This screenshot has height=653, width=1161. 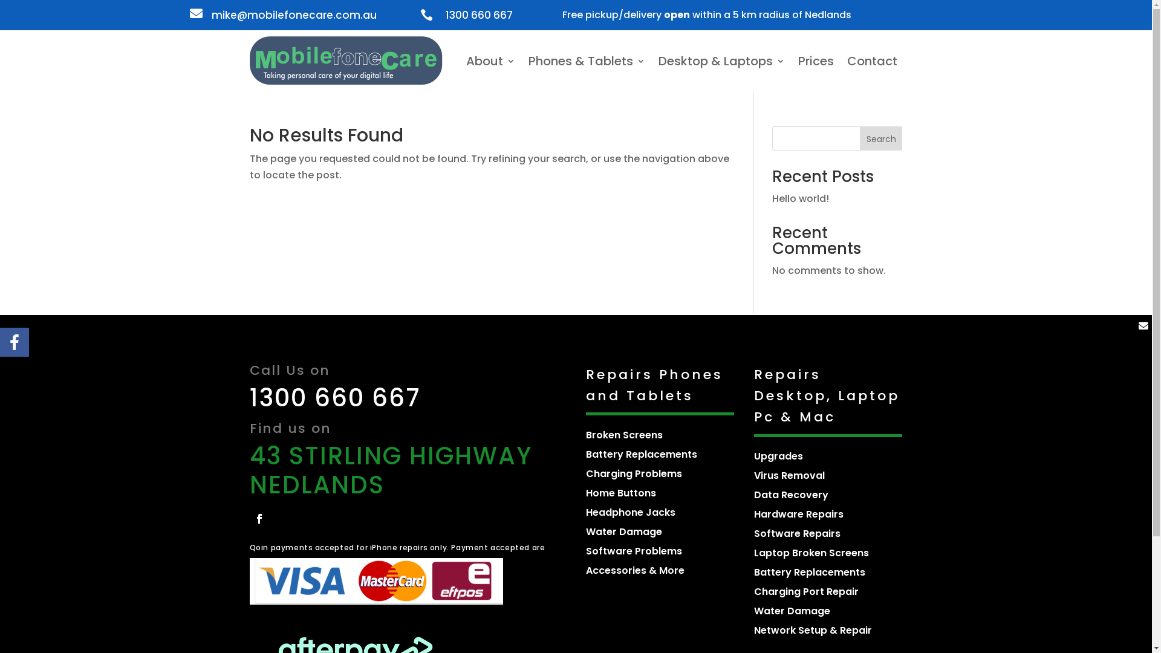 I want to click on 'Data Recovery', so click(x=753, y=495).